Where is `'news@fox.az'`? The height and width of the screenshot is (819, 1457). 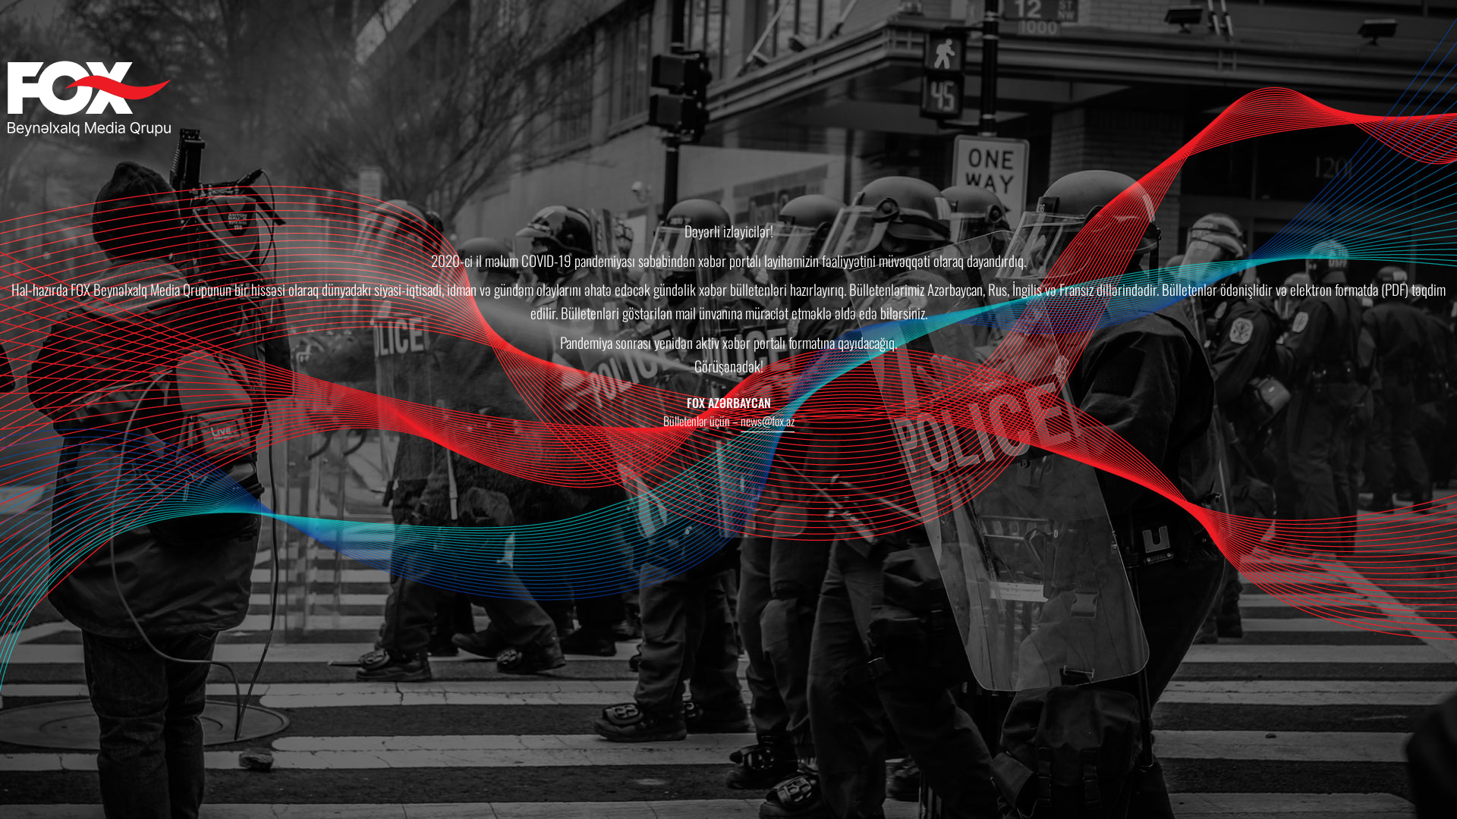 'news@fox.az' is located at coordinates (740, 422).